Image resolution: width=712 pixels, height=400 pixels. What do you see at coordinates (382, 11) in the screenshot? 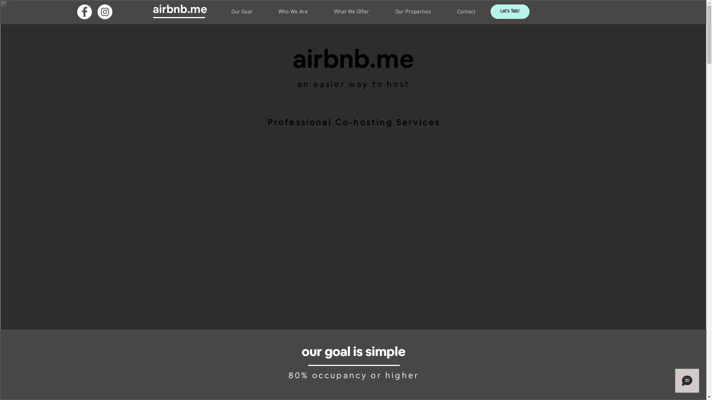
I see `'Our Properties'` at bounding box center [382, 11].